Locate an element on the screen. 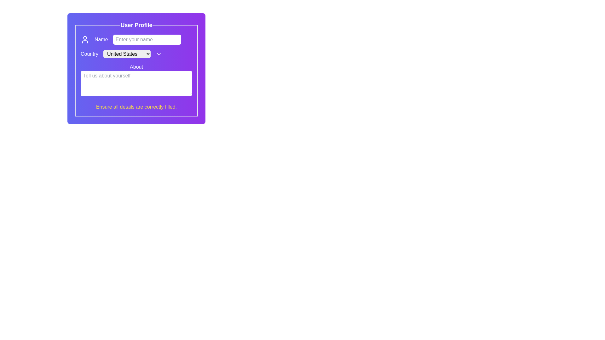 The height and width of the screenshot is (340, 605). the dropdown menu for 'Country' labeled with placeholder text 'United States' is located at coordinates (127, 54).